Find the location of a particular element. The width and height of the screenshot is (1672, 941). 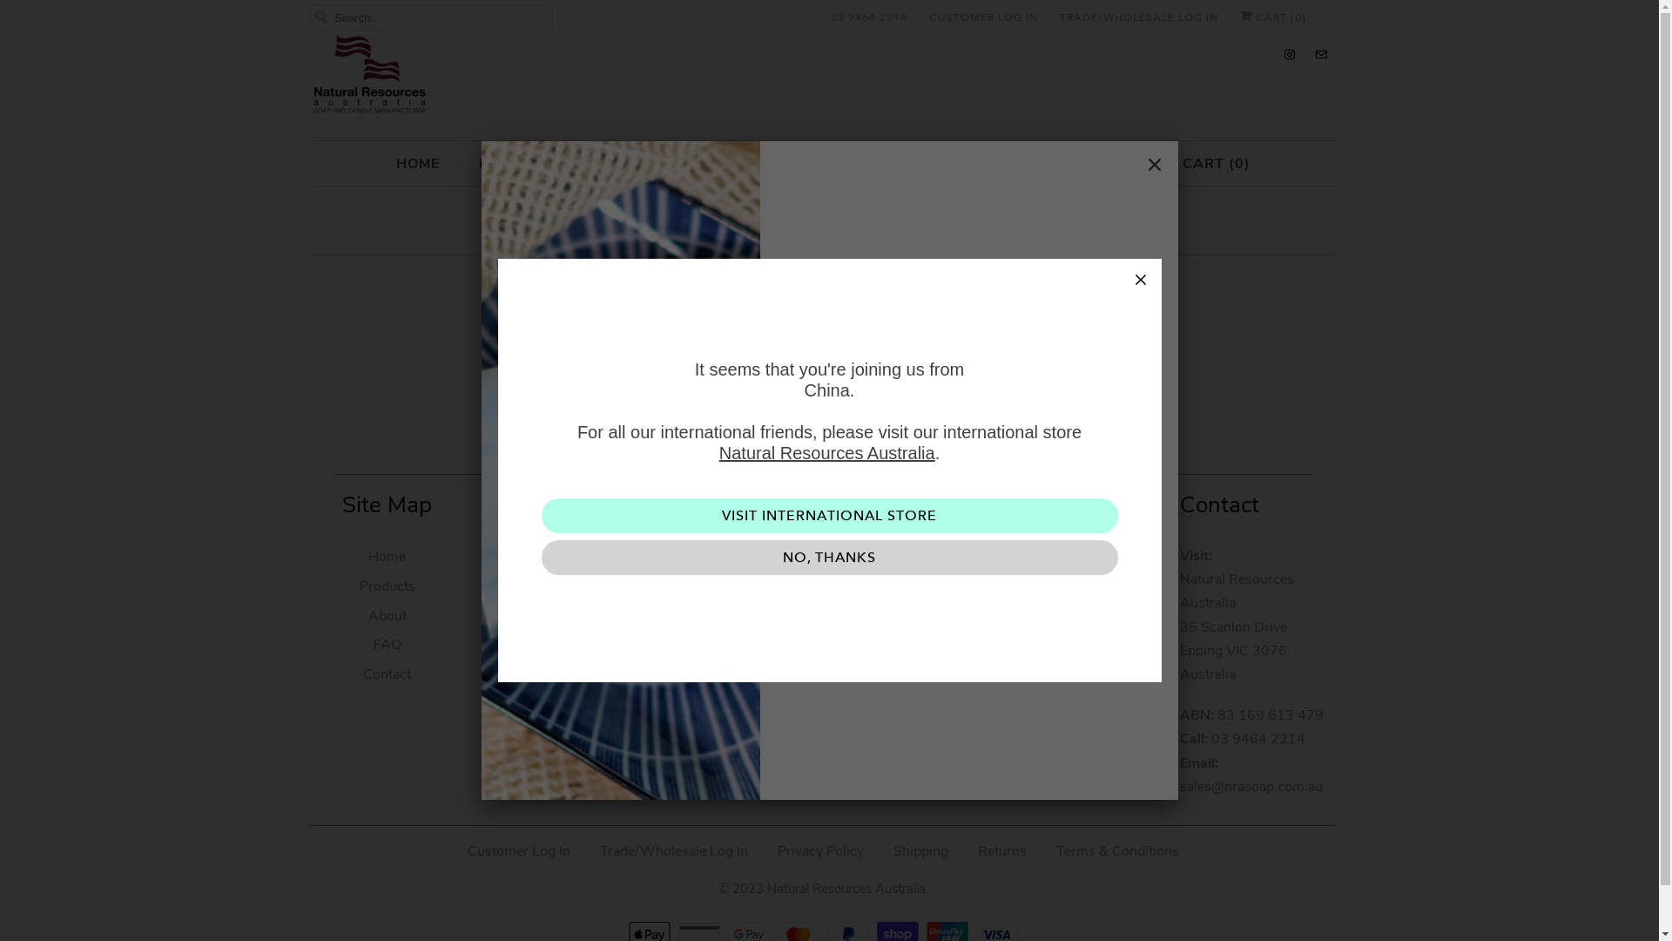

'Customer Log In' is located at coordinates (517, 850).